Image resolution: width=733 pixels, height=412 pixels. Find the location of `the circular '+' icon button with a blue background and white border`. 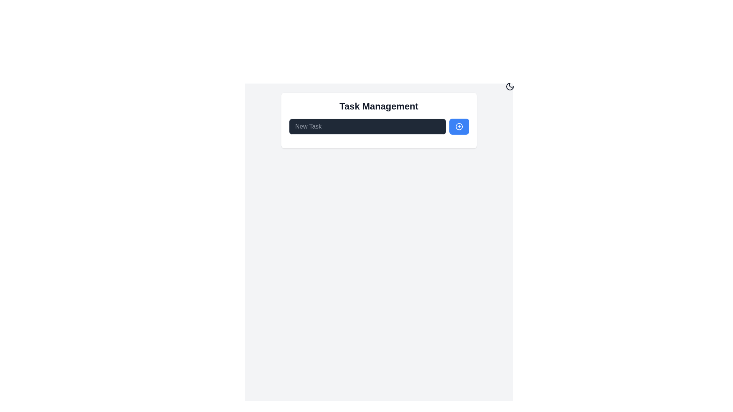

the circular '+' icon button with a blue background and white border is located at coordinates (459, 126).